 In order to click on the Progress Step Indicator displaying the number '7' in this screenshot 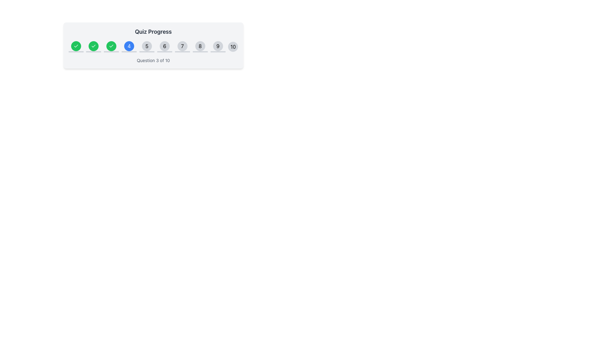, I will do `click(182, 46)`.